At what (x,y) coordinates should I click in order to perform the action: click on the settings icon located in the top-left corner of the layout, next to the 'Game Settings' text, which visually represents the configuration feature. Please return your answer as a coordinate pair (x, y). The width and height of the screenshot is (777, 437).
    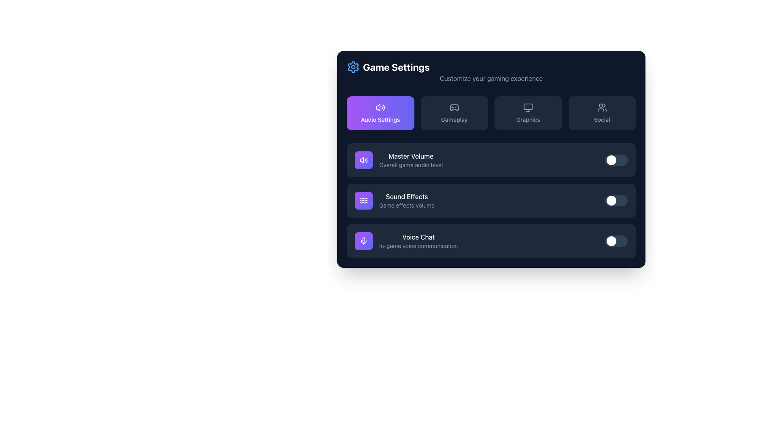
    Looking at the image, I should click on (353, 66).